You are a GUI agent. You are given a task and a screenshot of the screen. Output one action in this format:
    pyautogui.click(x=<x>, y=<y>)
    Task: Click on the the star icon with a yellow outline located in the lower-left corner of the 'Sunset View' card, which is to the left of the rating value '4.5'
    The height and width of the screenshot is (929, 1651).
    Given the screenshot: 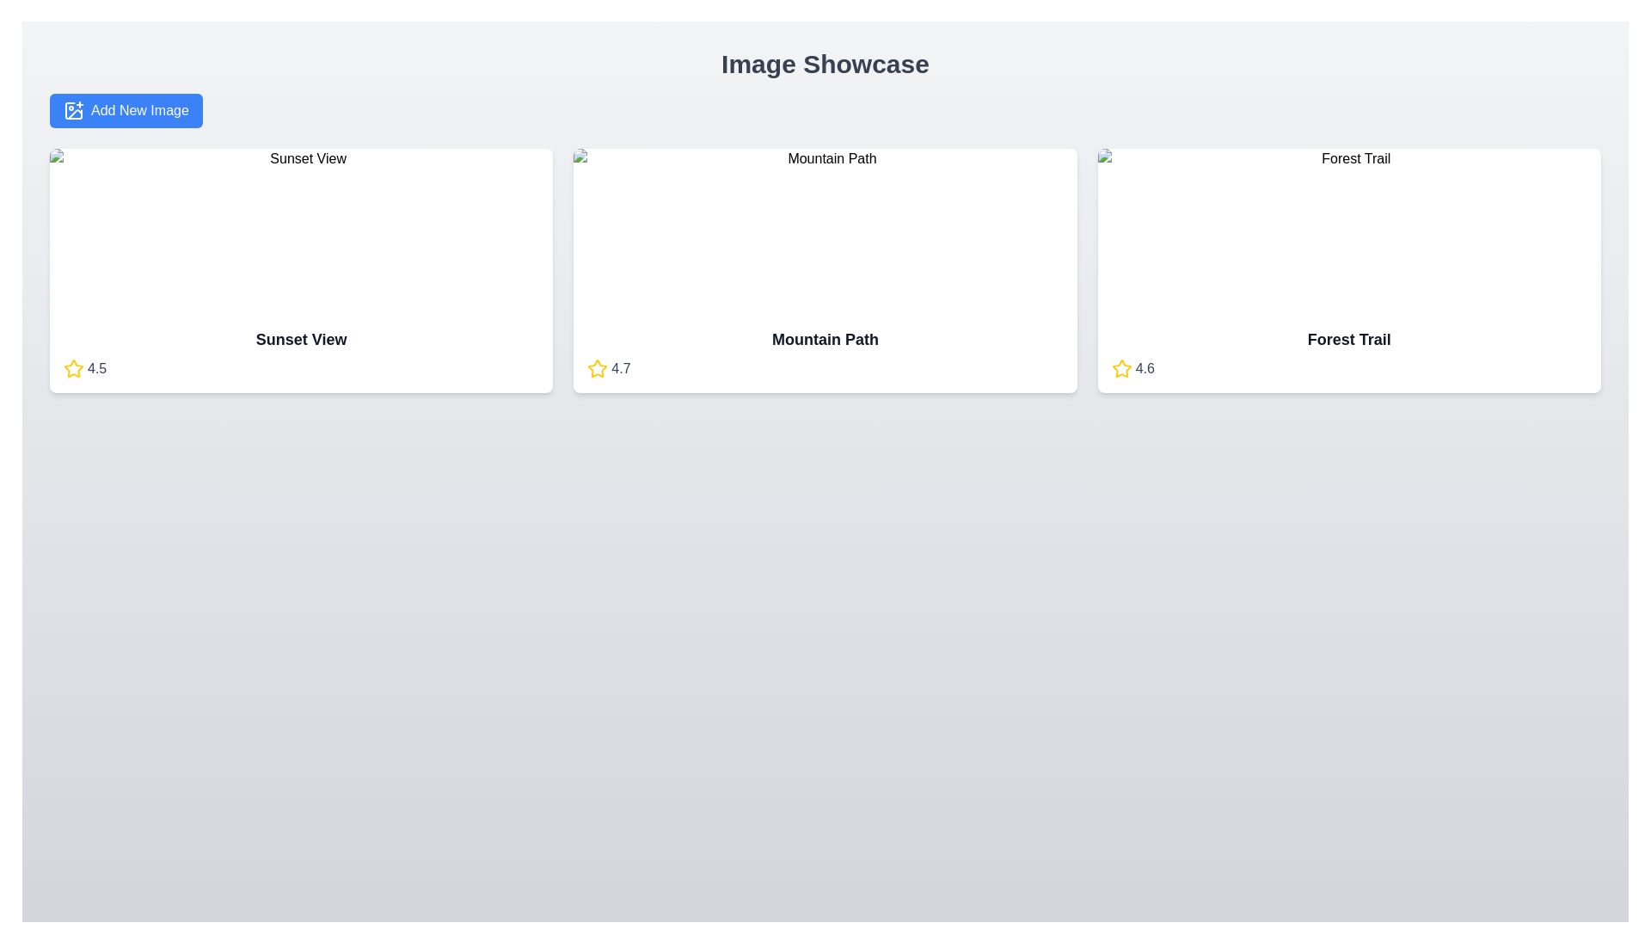 What is the action you would take?
    pyautogui.click(x=73, y=367)
    